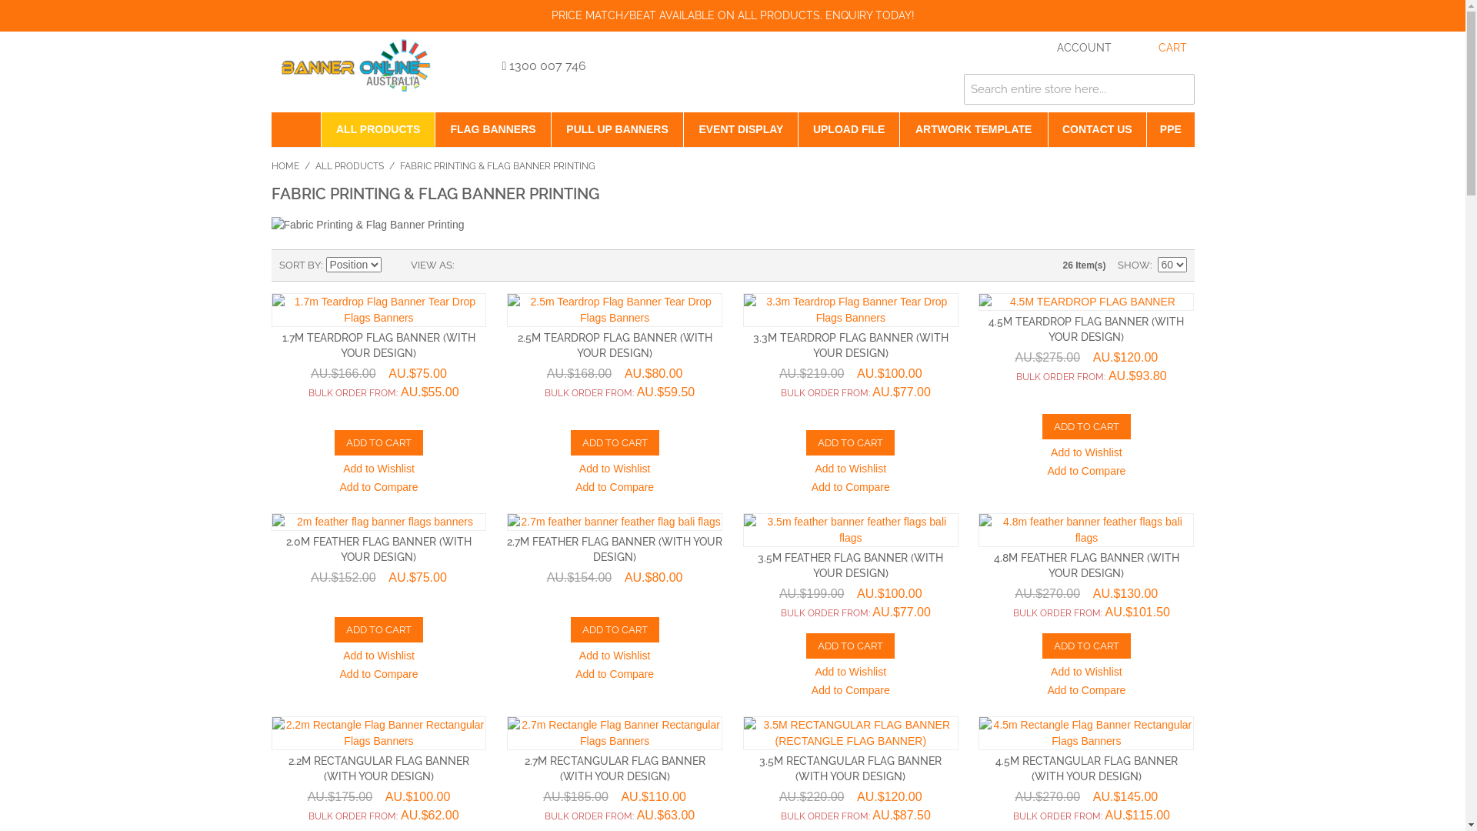 This screenshot has width=1477, height=831. I want to click on 'BULK ORDER FROM: AU.$115.00', so click(1085, 815).